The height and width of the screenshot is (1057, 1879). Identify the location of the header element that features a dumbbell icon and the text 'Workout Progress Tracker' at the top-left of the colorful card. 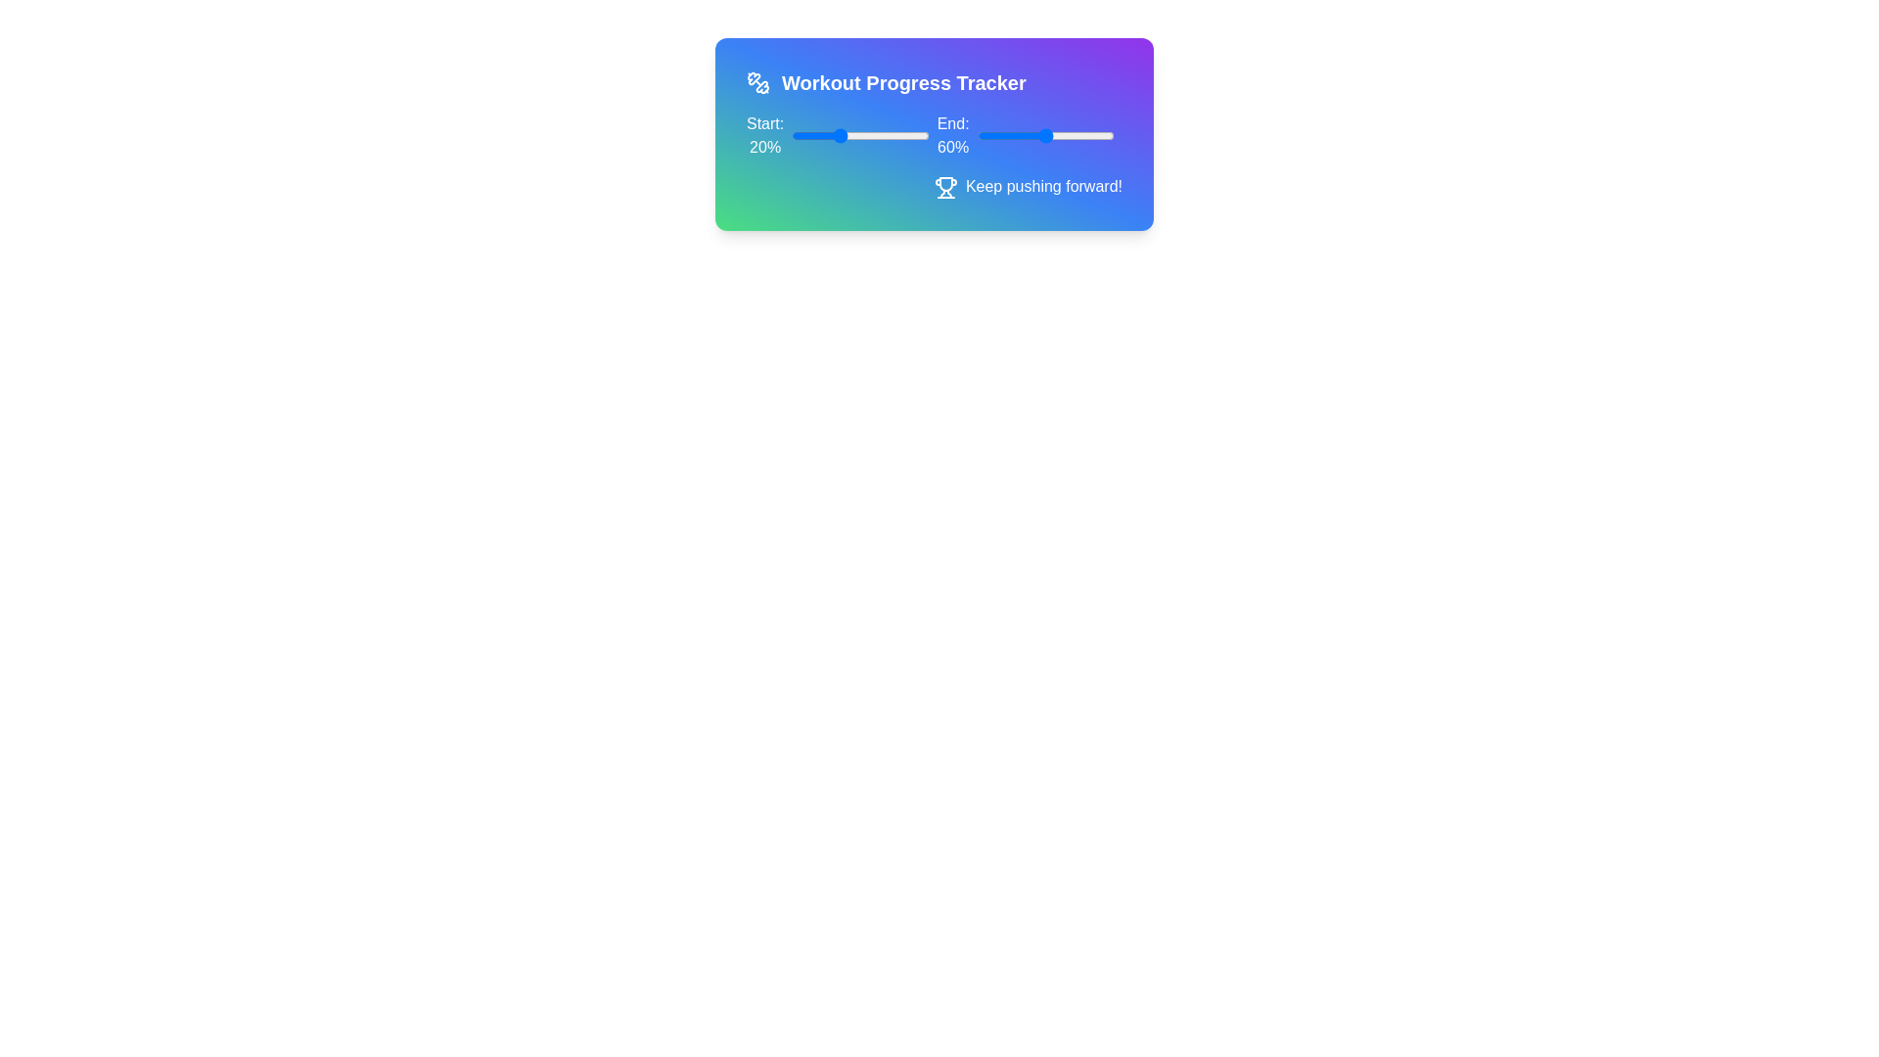
(934, 81).